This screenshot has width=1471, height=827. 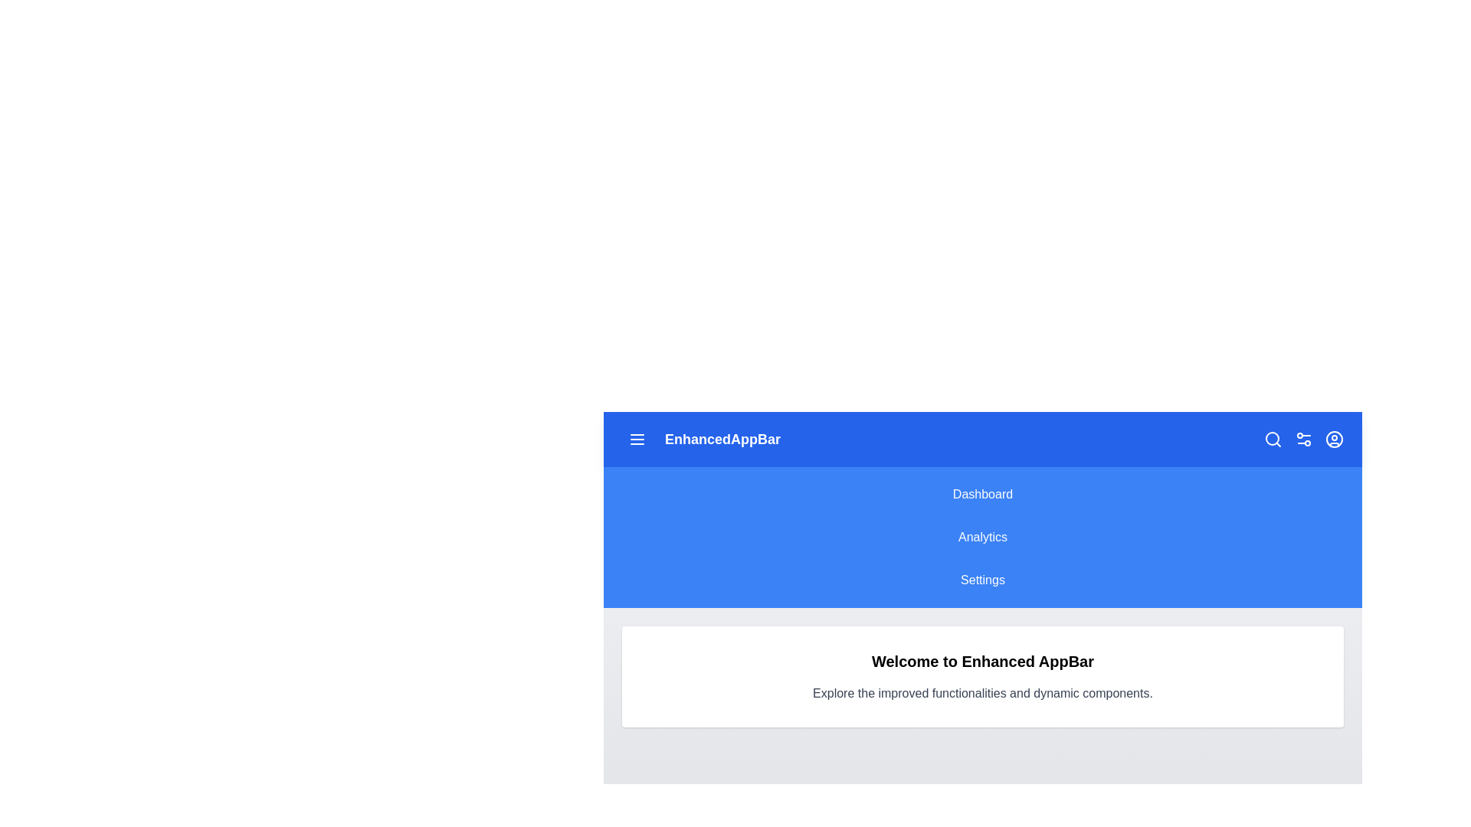 I want to click on the 'Settings' option in the menu, so click(x=982, y=580).